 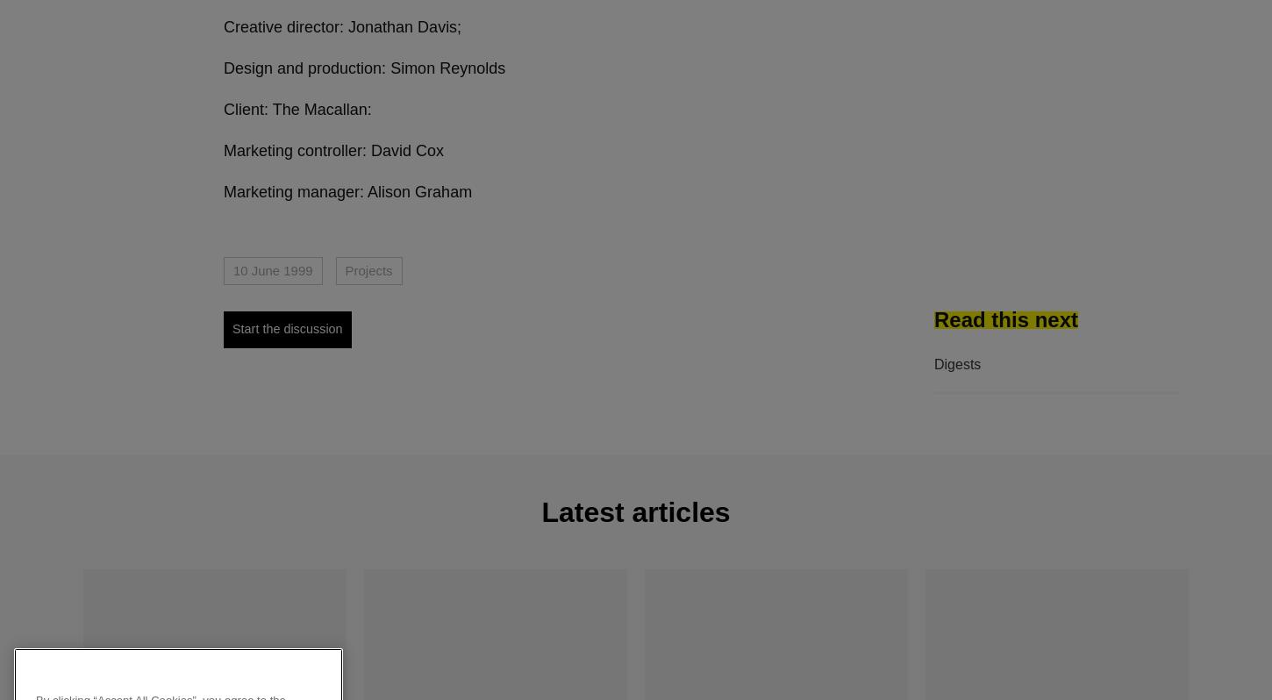 I want to click on 'Start the discussion', so click(x=287, y=328).